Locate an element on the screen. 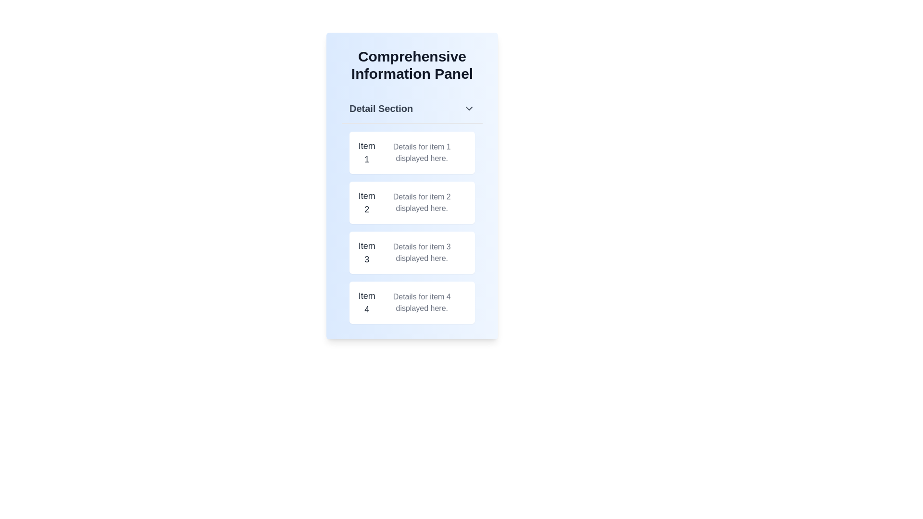  text label that serves as the title for the fourth section in the list, located at the bottom of the visible segment of the panel is located at coordinates (366, 302).